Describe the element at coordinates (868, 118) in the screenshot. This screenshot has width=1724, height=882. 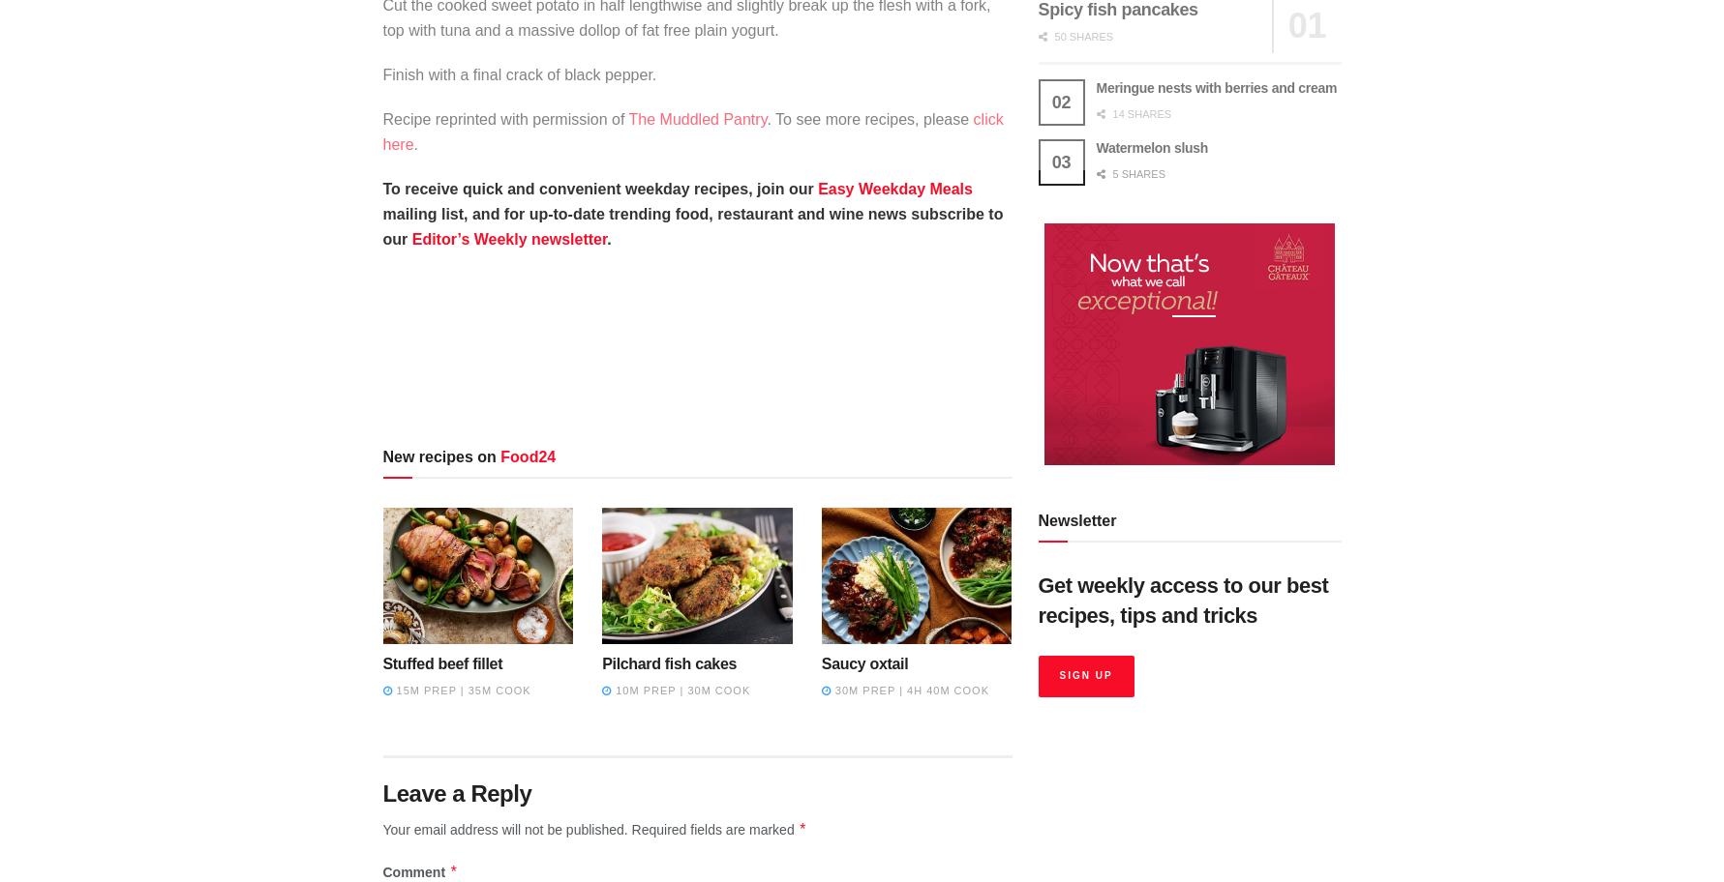
I see `'. To see more recipes, please'` at that location.